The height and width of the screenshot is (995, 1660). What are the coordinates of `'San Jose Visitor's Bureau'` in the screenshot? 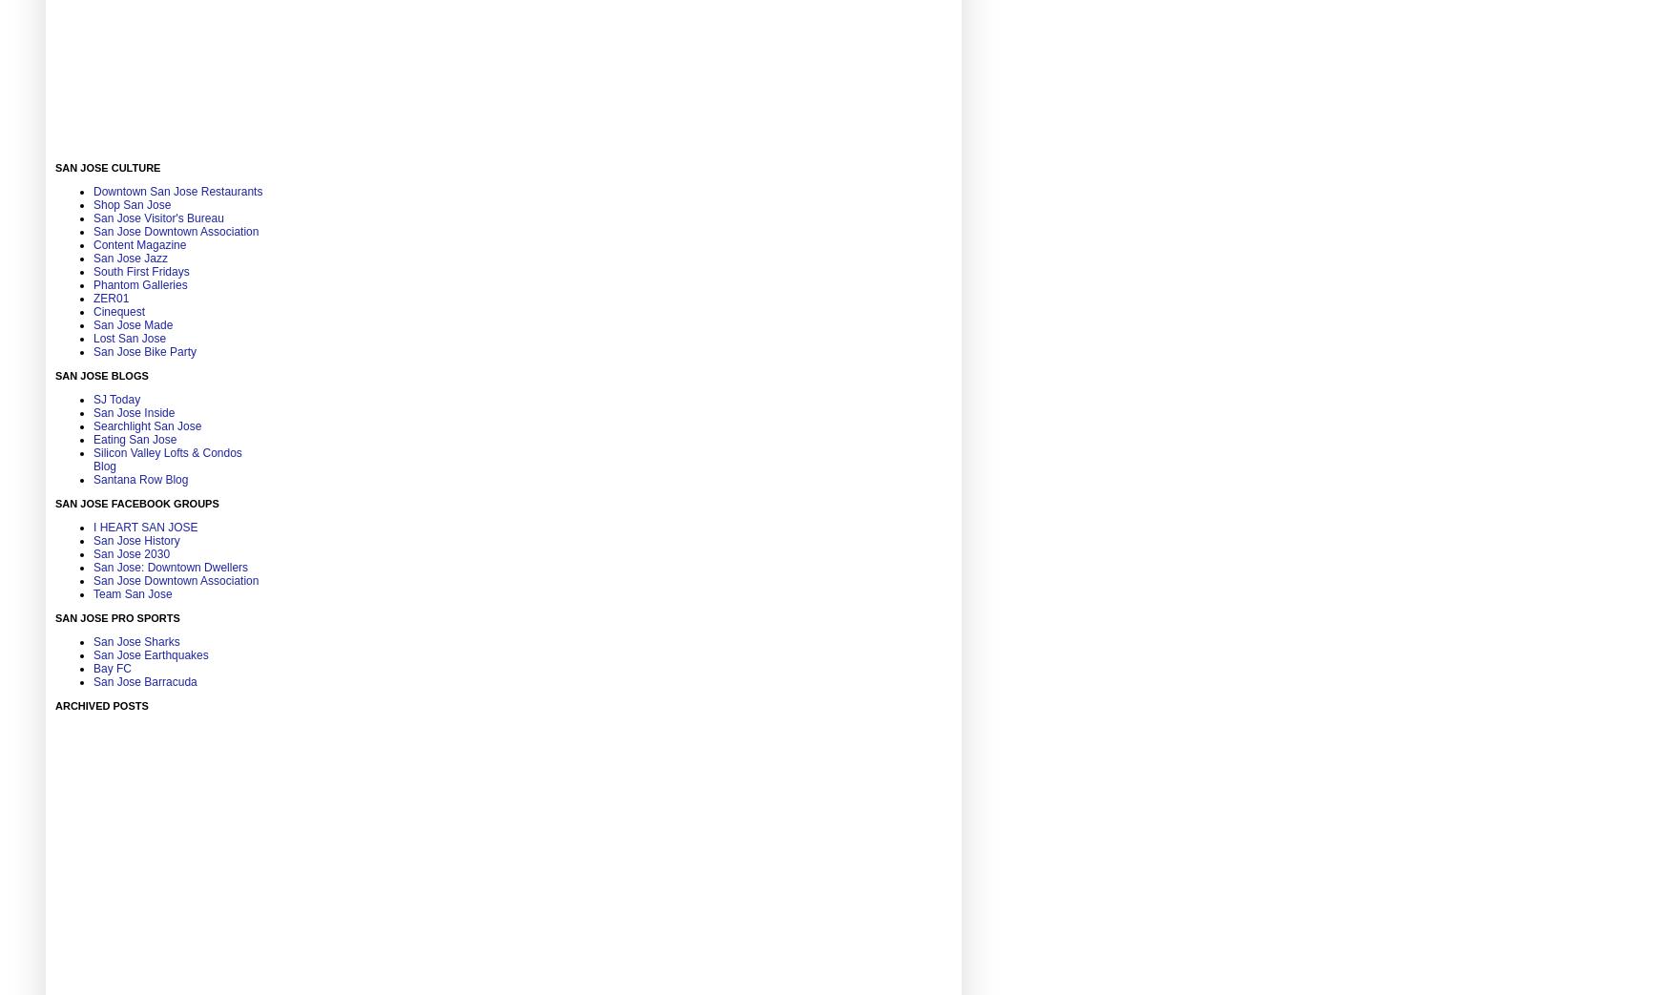 It's located at (156, 217).